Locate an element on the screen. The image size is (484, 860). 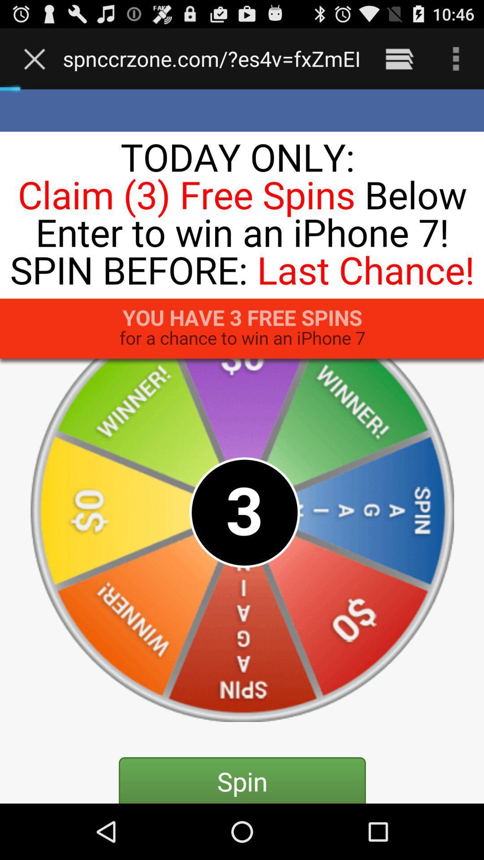
item at the center is located at coordinates (242, 446).